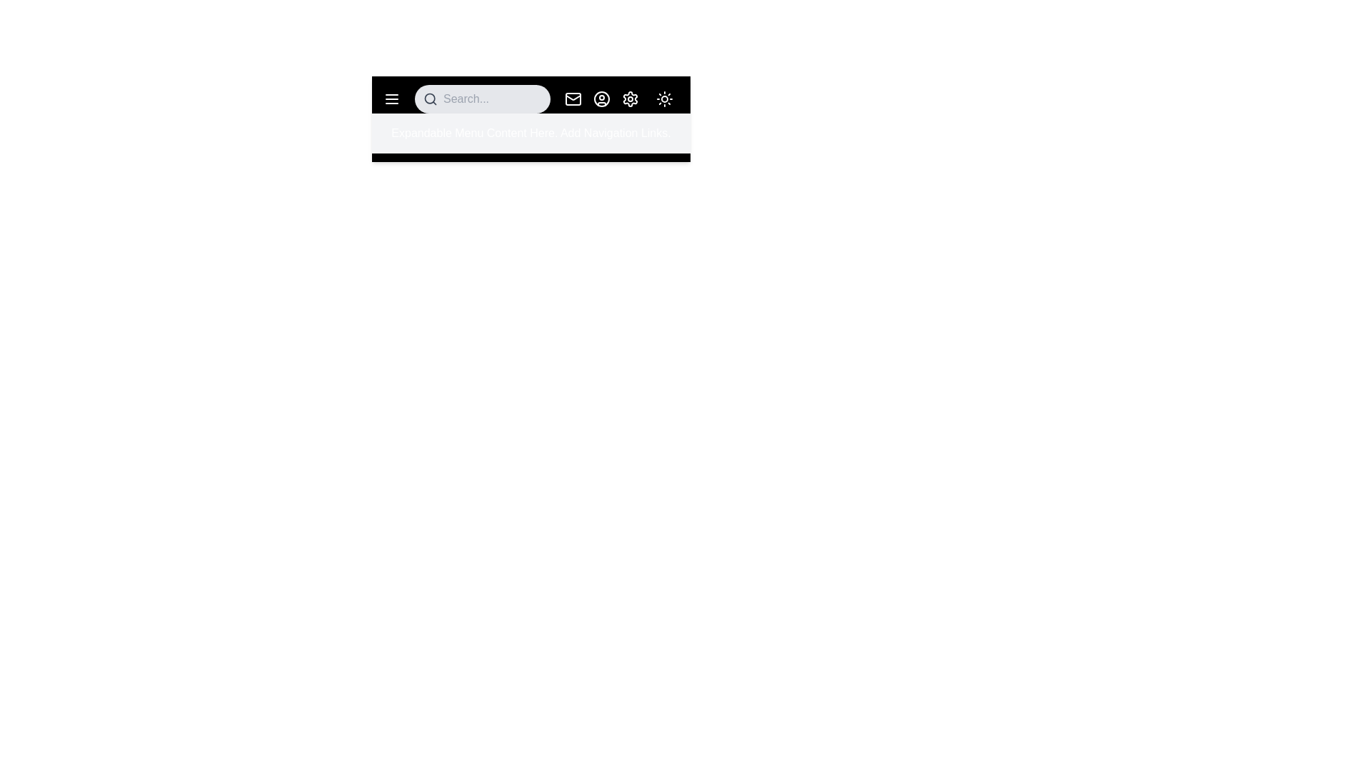 The width and height of the screenshot is (1371, 771). I want to click on the mail icon to interact with notifications, so click(573, 98).